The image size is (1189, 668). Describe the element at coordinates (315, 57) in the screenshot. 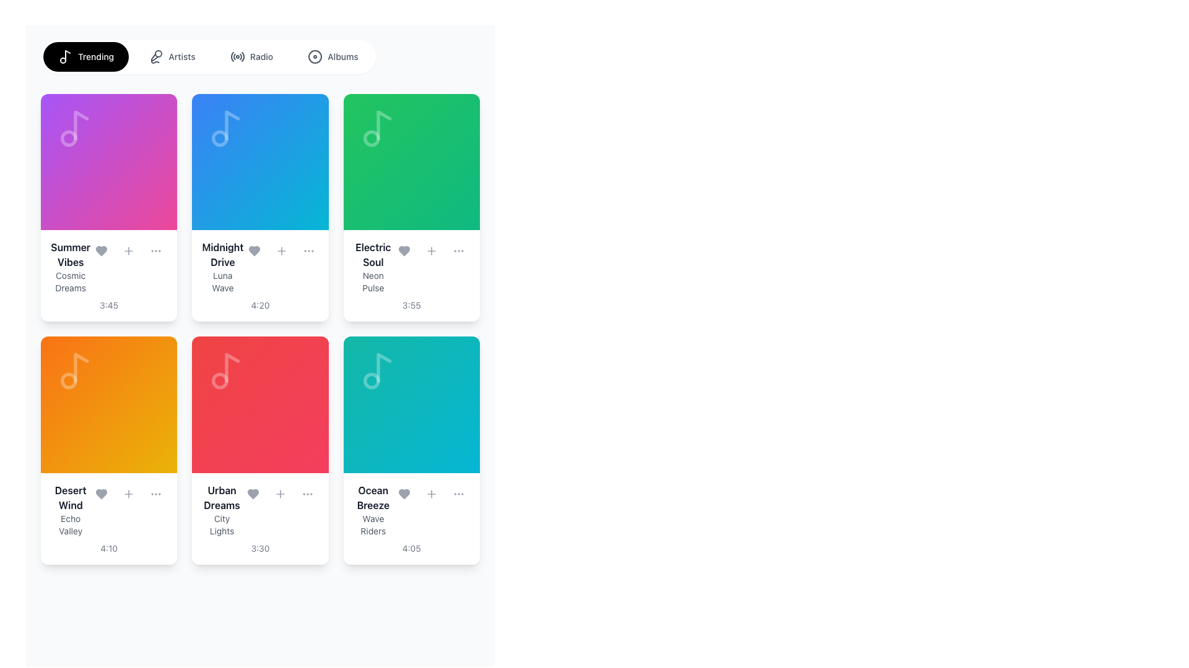

I see `the Decorative SVG Icon located within the navigation bar to the left of the 'Albums' text, which serves as a static ornamental icon` at that location.